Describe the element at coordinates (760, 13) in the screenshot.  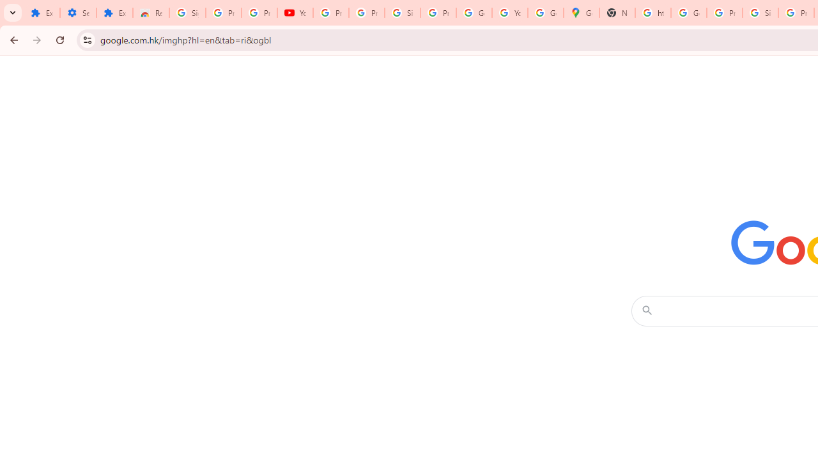
I see `'Sign in - Google Accounts'` at that location.